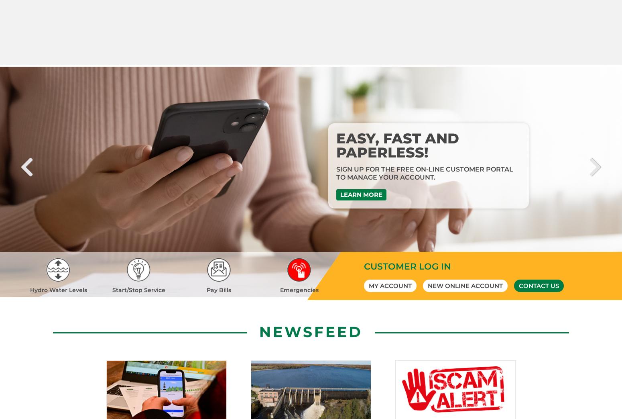  What do you see at coordinates (311, 267) in the screenshot?
I see `'Customer Data Privacy Information'` at bounding box center [311, 267].